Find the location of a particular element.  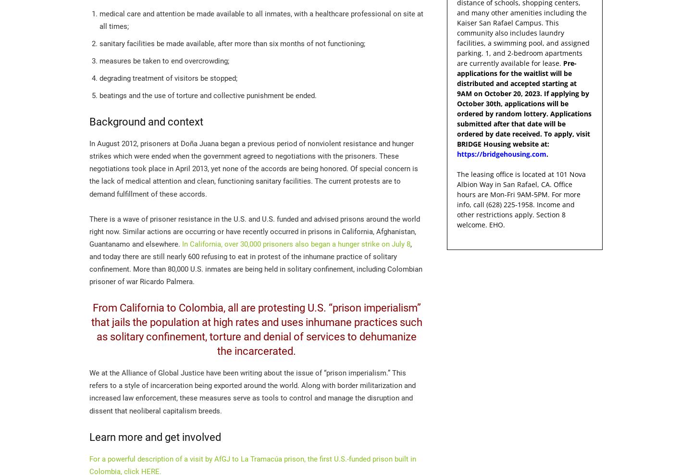

'Pre-applications for the waitlist will be distributed and accepted starting at 9AM on October 20, 2023. If applying by October 30th, applications will be ordered by random lottery. Applications submitted after that date will be ordered by date received. To apply, visit BRIDGE Housing website at:' is located at coordinates (457, 103).